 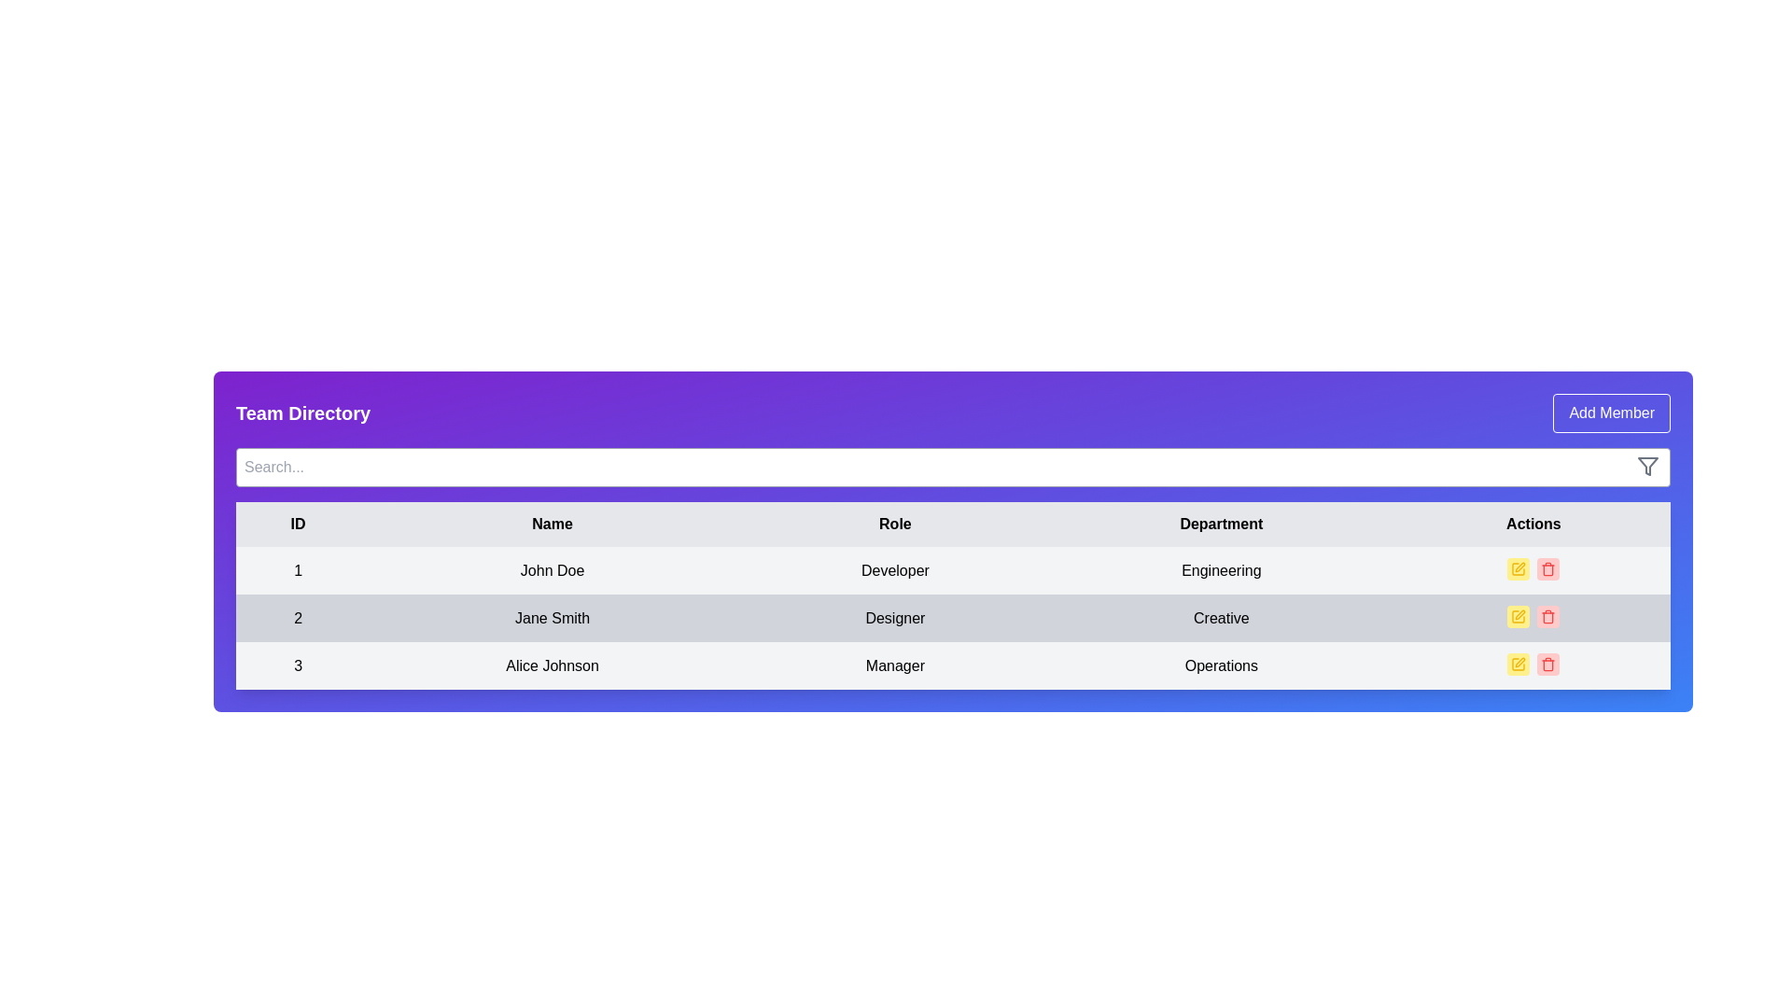 What do you see at coordinates (1548, 567) in the screenshot?
I see `the delete button located in the Actions column of the Engineering department row in the Team Directory table` at bounding box center [1548, 567].